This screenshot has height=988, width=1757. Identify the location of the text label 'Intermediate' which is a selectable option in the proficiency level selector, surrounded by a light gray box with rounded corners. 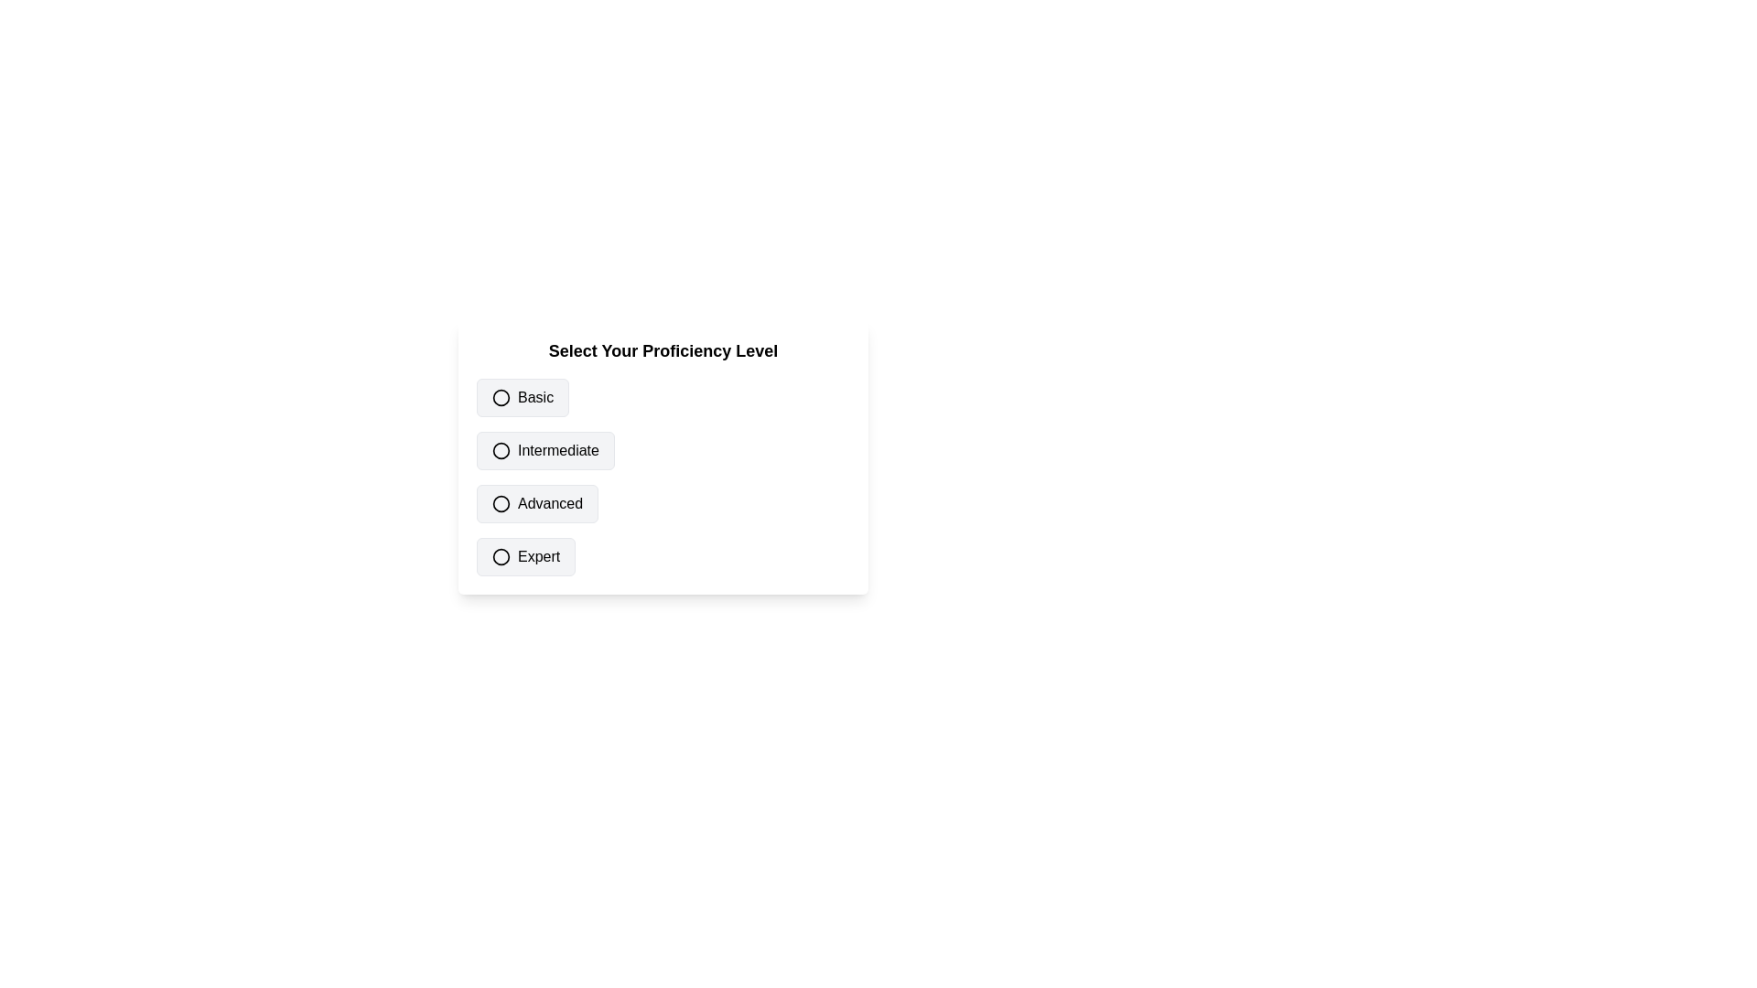
(557, 451).